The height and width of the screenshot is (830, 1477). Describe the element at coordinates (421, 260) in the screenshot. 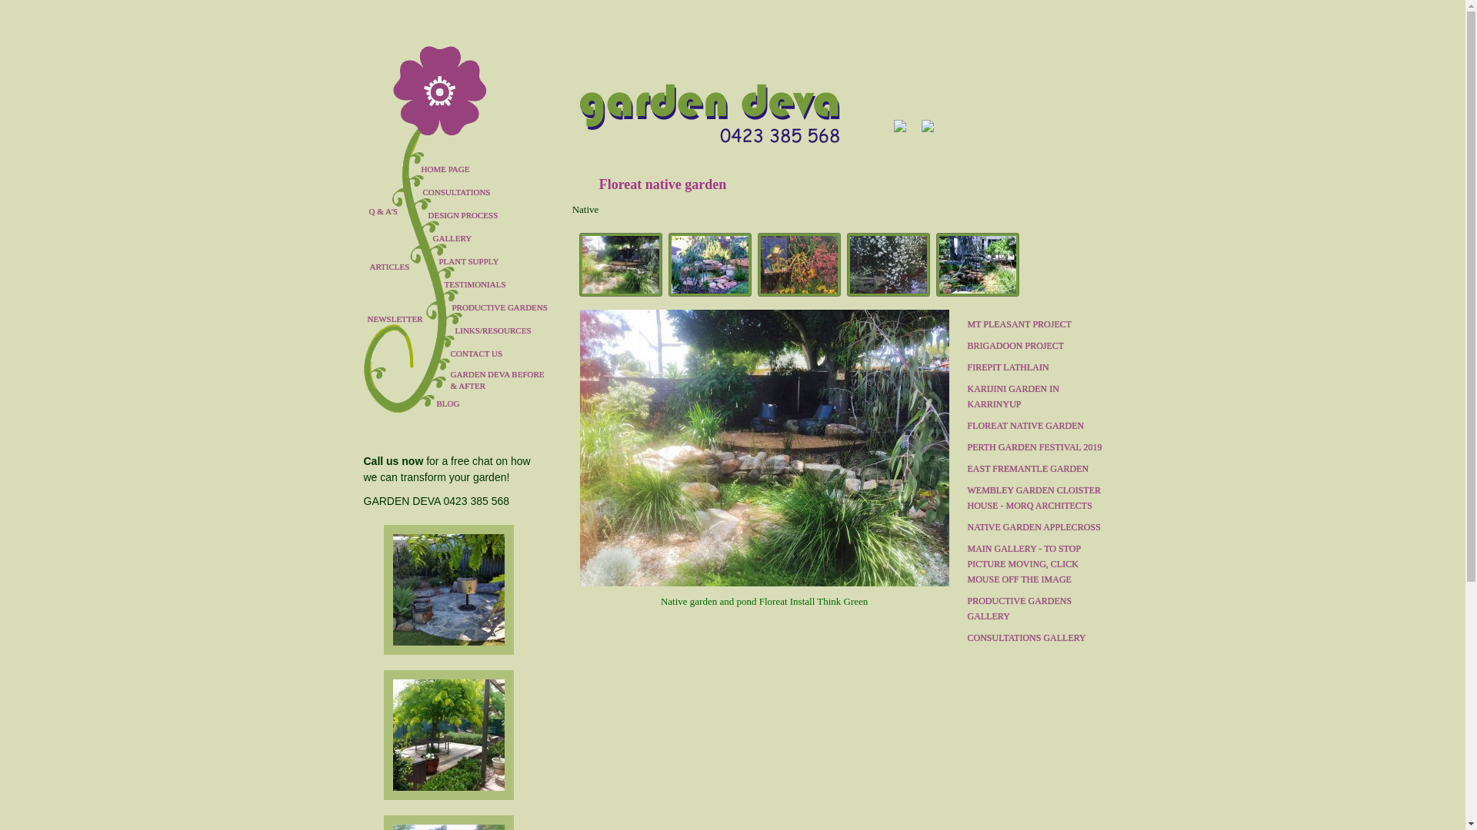

I see `'PLANT SUPPLY'` at that location.